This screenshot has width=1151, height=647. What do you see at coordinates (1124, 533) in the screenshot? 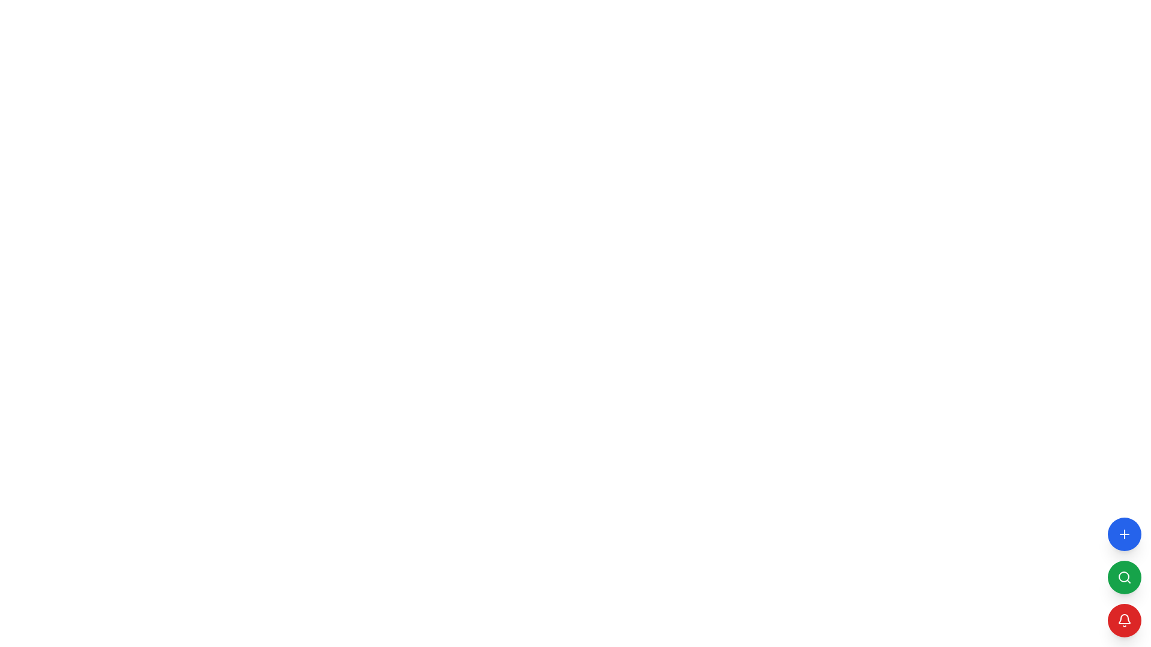
I see `the blue circular button with a white plus icon located at the top of the vertical stack on the right side of the interface` at bounding box center [1124, 533].